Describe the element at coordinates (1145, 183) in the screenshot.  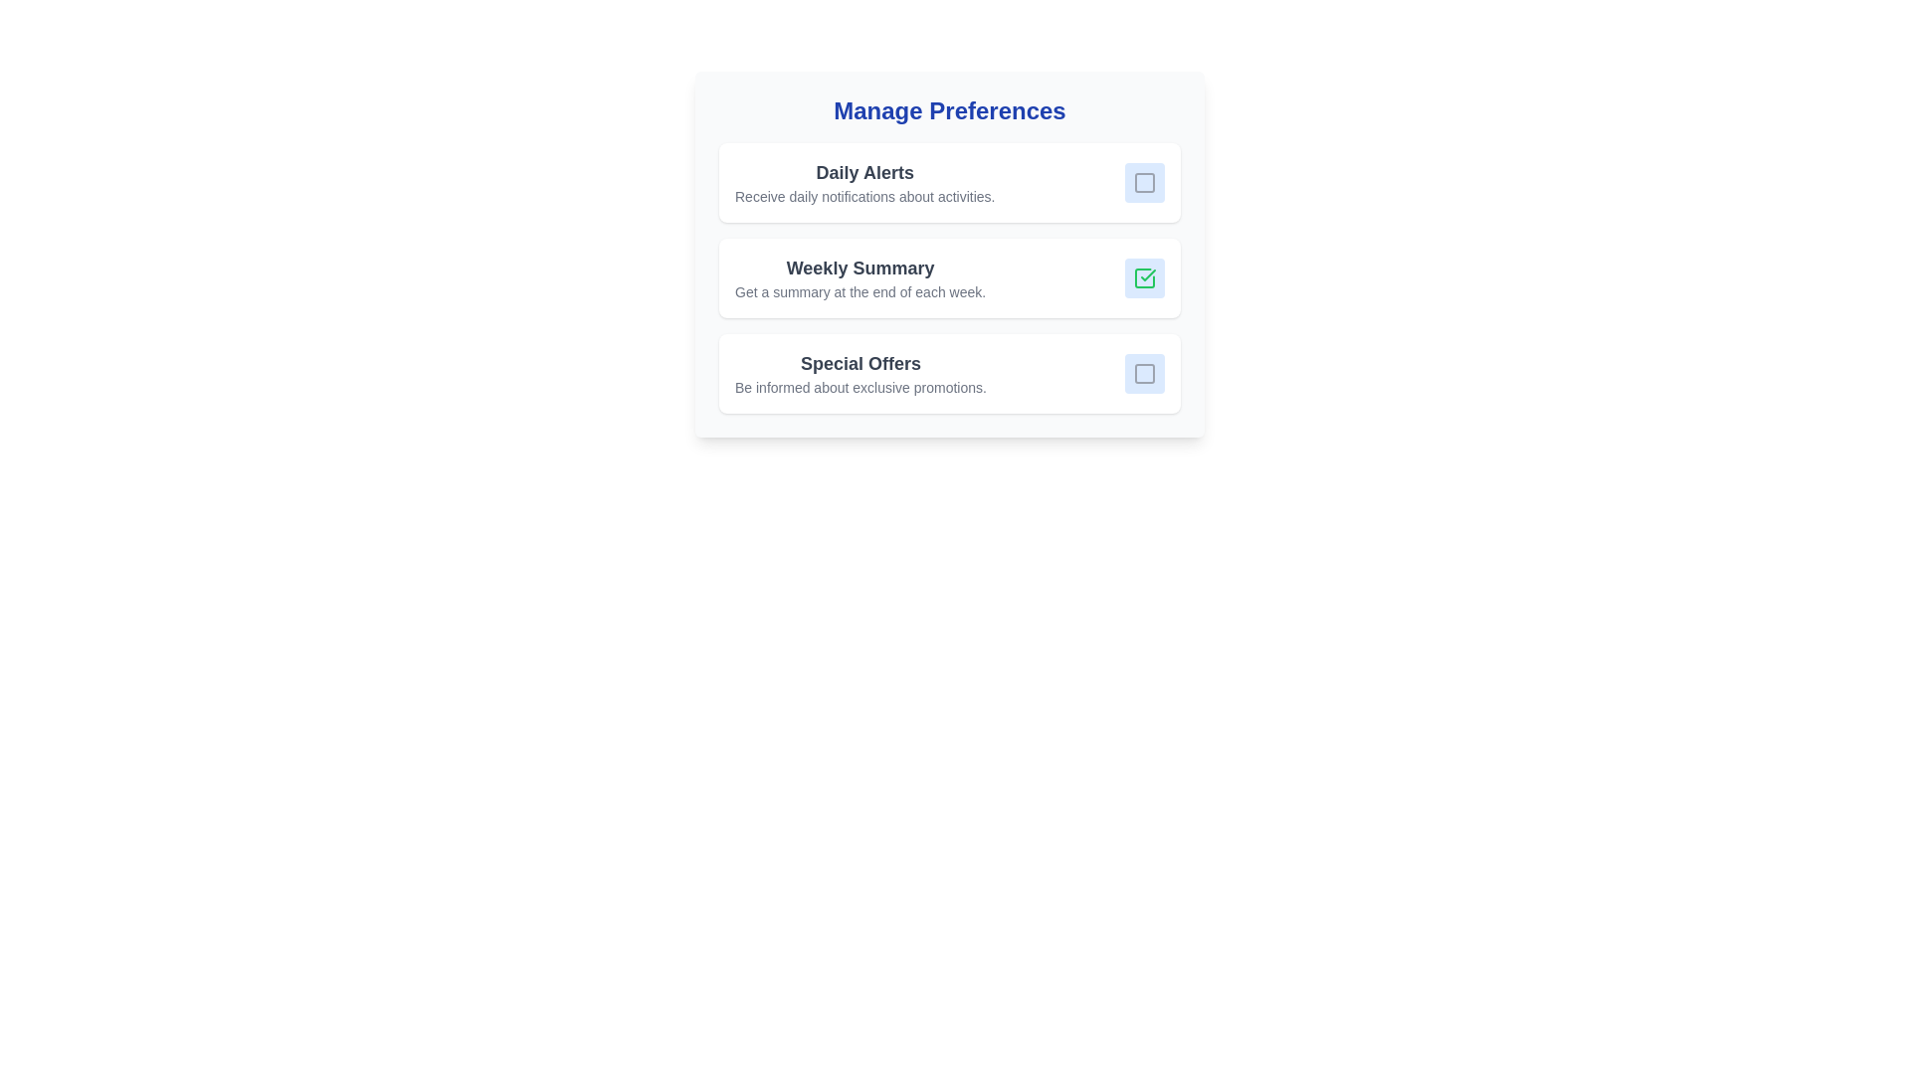
I see `the checkbox icon in the first row under 'Daily Alerts'` at that location.